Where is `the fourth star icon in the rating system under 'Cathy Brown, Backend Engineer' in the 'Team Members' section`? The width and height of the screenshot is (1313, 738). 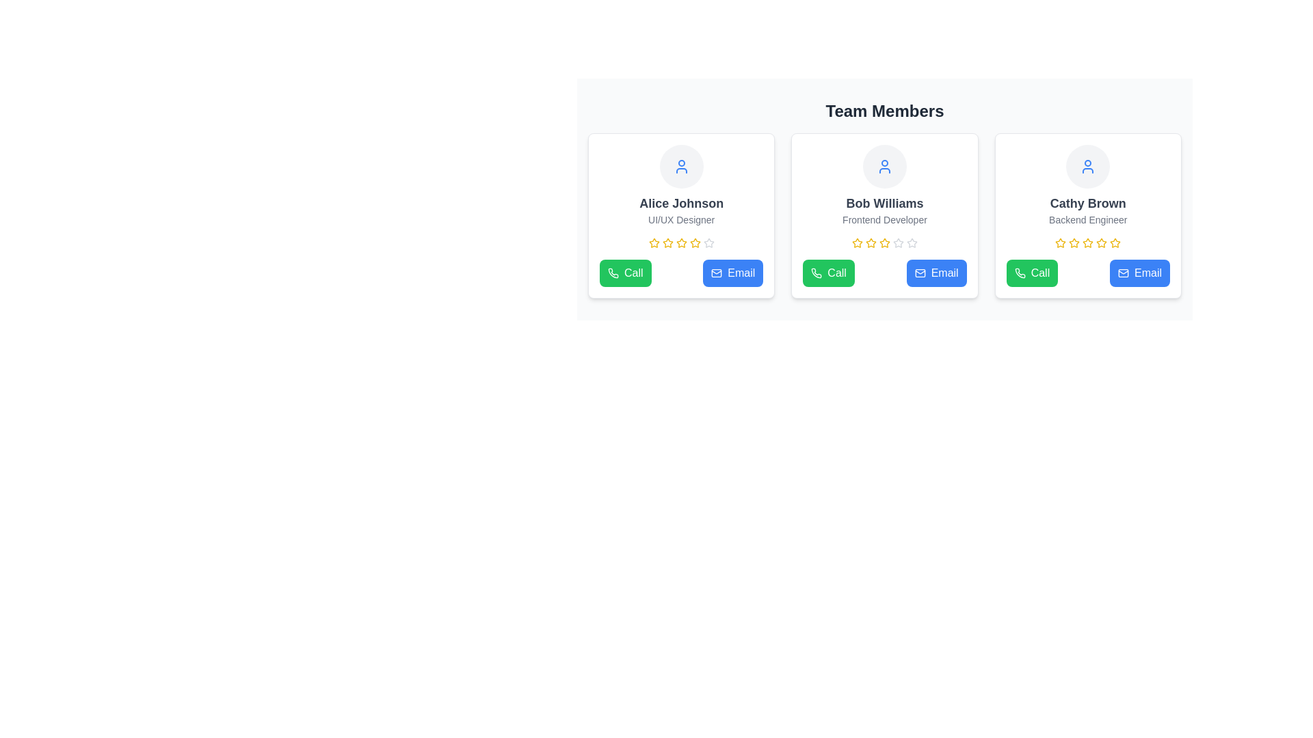
the fourth star icon in the rating system under 'Cathy Brown, Backend Engineer' in the 'Team Members' section is located at coordinates (1102, 242).